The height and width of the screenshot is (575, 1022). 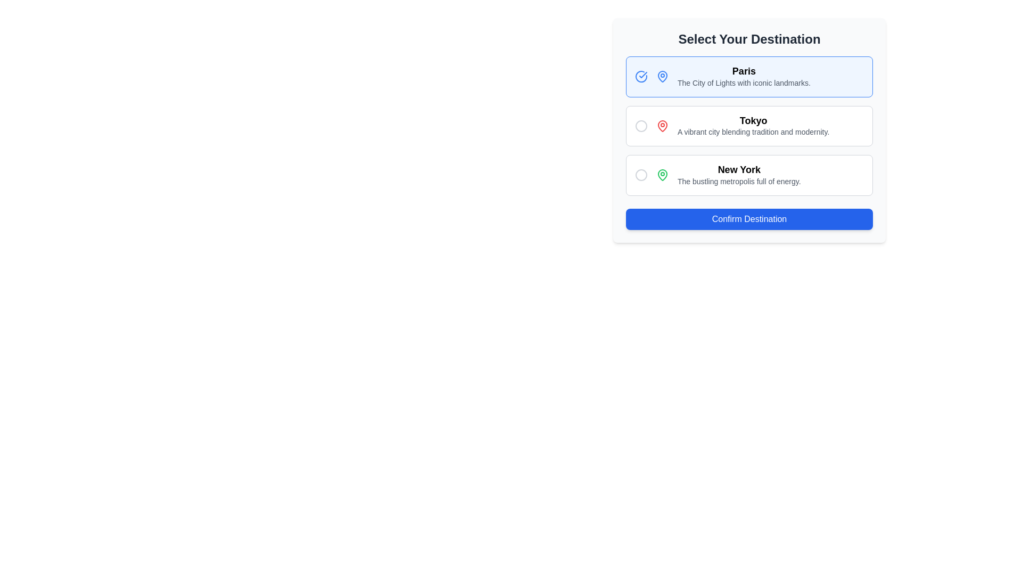 I want to click on the red map pin icon representing the destination 'Tokyo' in the destination selector component, so click(x=662, y=125).